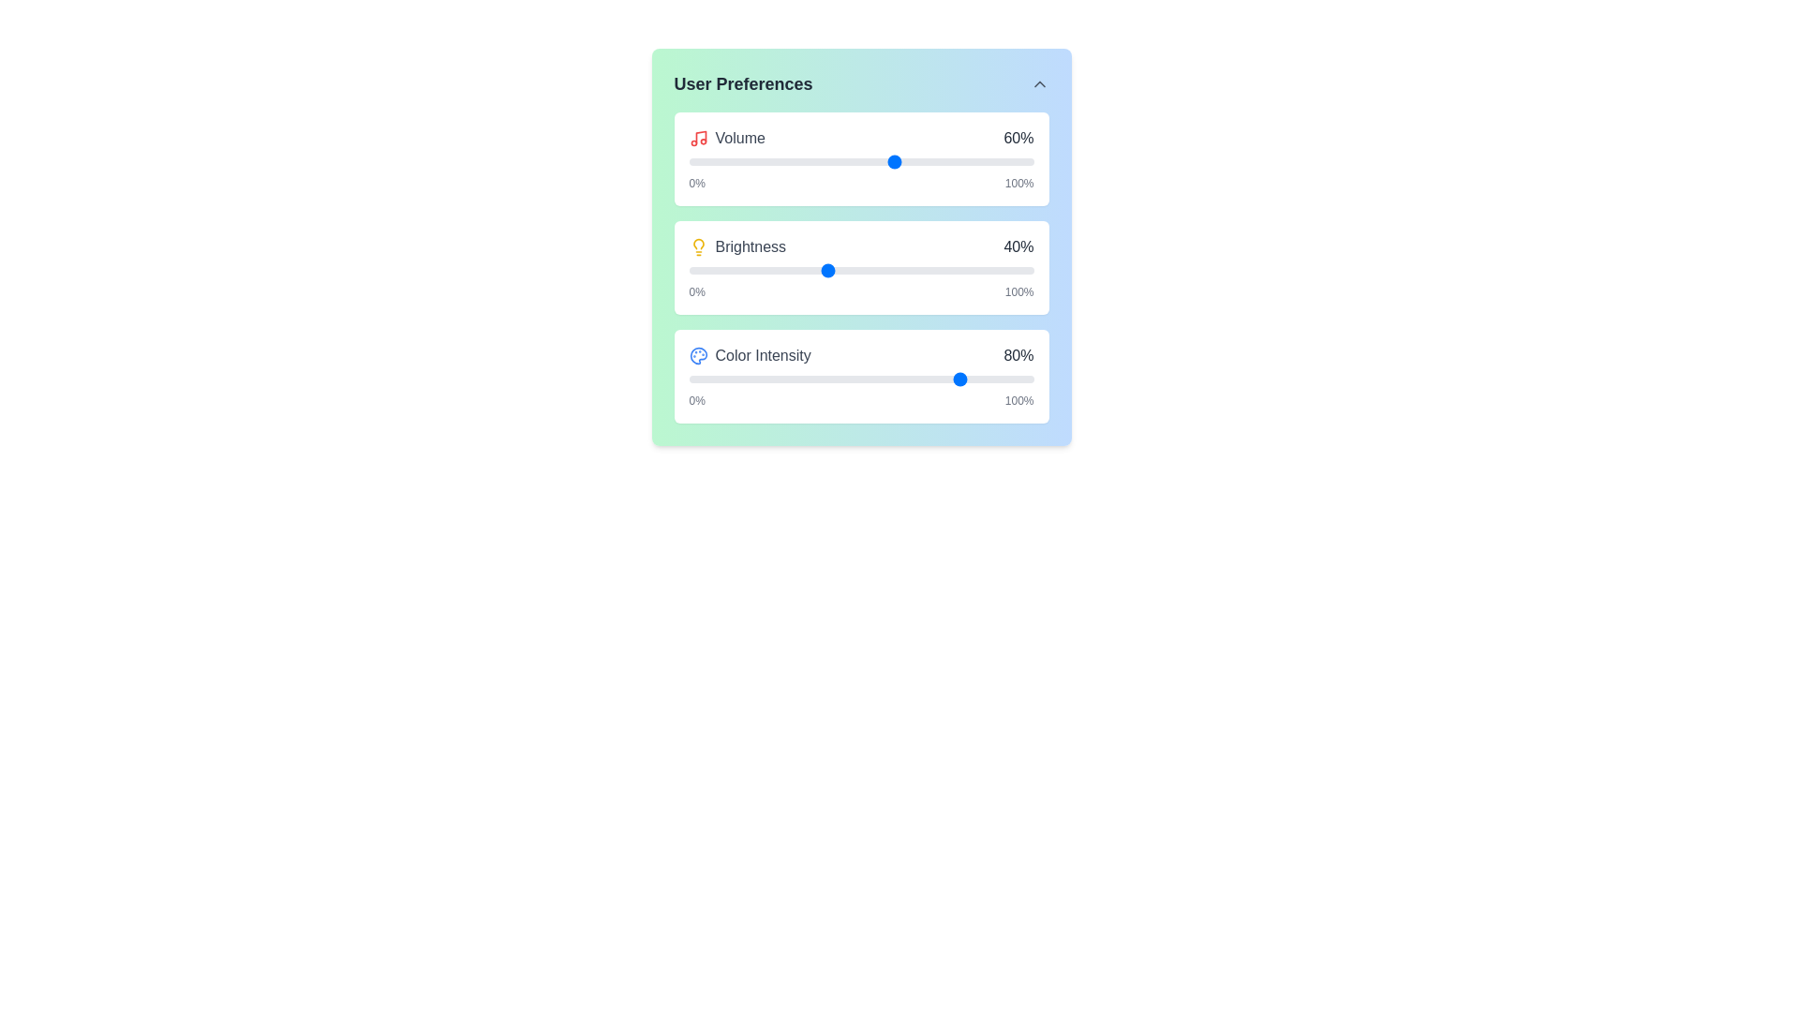  Describe the element at coordinates (697, 246) in the screenshot. I see `the brightness adjustment icon located` at that location.